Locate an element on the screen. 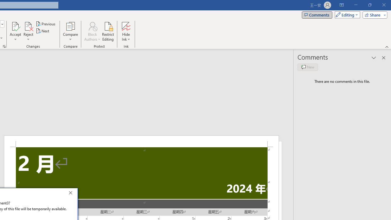 The image size is (391, 220). 'New comment' is located at coordinates (308, 67).